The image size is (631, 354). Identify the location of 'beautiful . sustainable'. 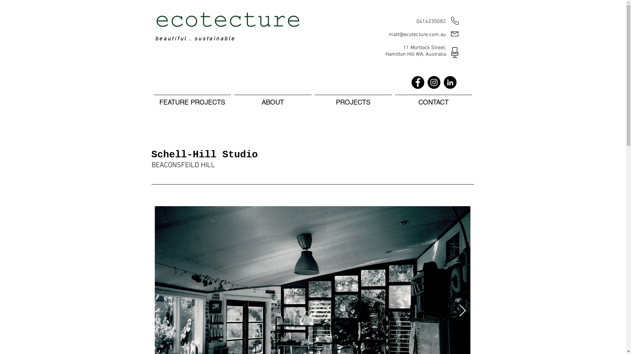
(195, 39).